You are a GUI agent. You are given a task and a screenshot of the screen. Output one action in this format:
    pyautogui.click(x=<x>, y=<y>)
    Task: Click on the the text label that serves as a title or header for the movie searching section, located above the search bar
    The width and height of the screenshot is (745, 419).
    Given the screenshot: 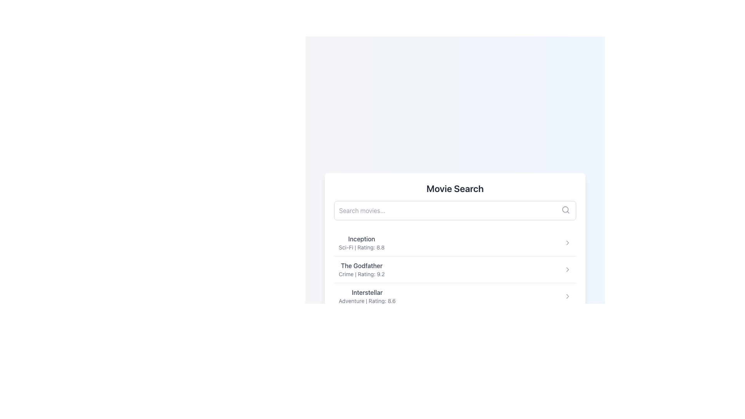 What is the action you would take?
    pyautogui.click(x=455, y=189)
    